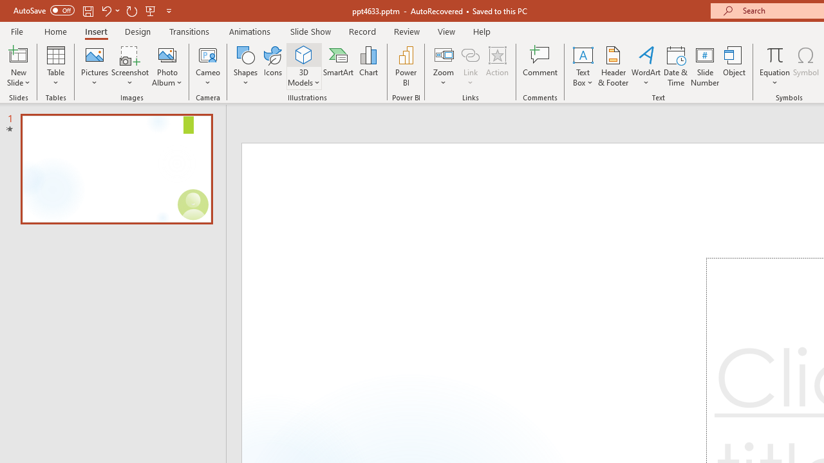  Describe the element at coordinates (130, 66) in the screenshot. I see `'Screenshot'` at that location.